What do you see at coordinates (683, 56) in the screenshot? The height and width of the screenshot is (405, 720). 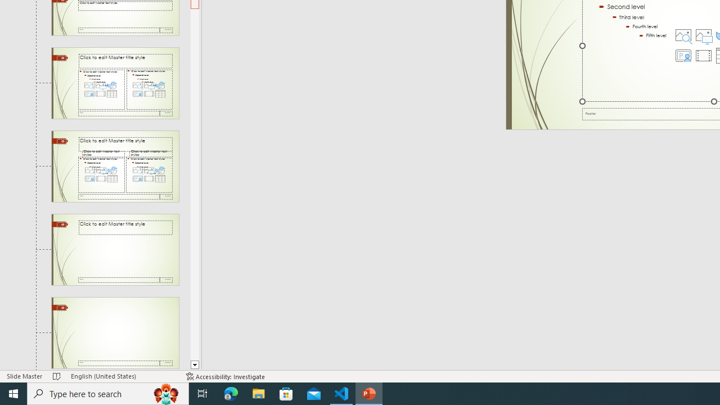 I see `'Insert Cameo'` at bounding box center [683, 56].